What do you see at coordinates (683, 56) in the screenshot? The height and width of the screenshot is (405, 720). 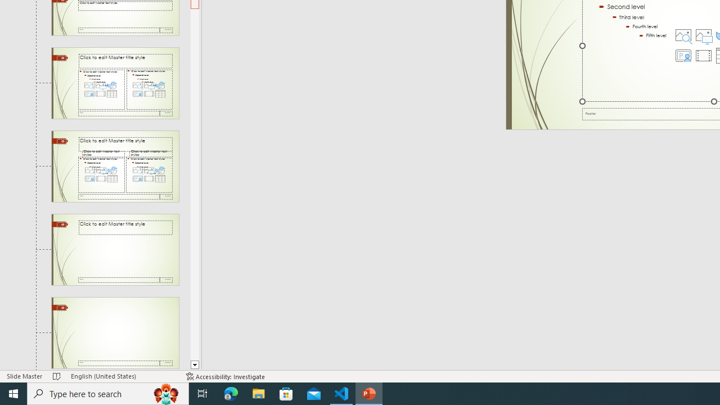 I see `'Insert Cameo'` at bounding box center [683, 56].